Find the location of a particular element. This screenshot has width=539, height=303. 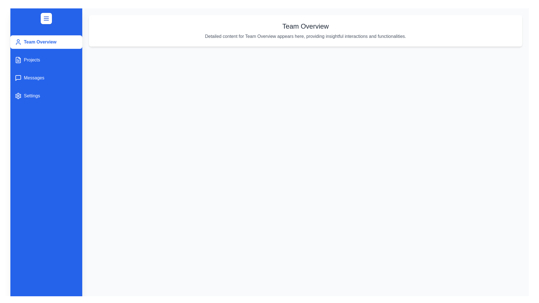

the sidebar item Team Overview to preview its selection state is located at coordinates (46, 42).